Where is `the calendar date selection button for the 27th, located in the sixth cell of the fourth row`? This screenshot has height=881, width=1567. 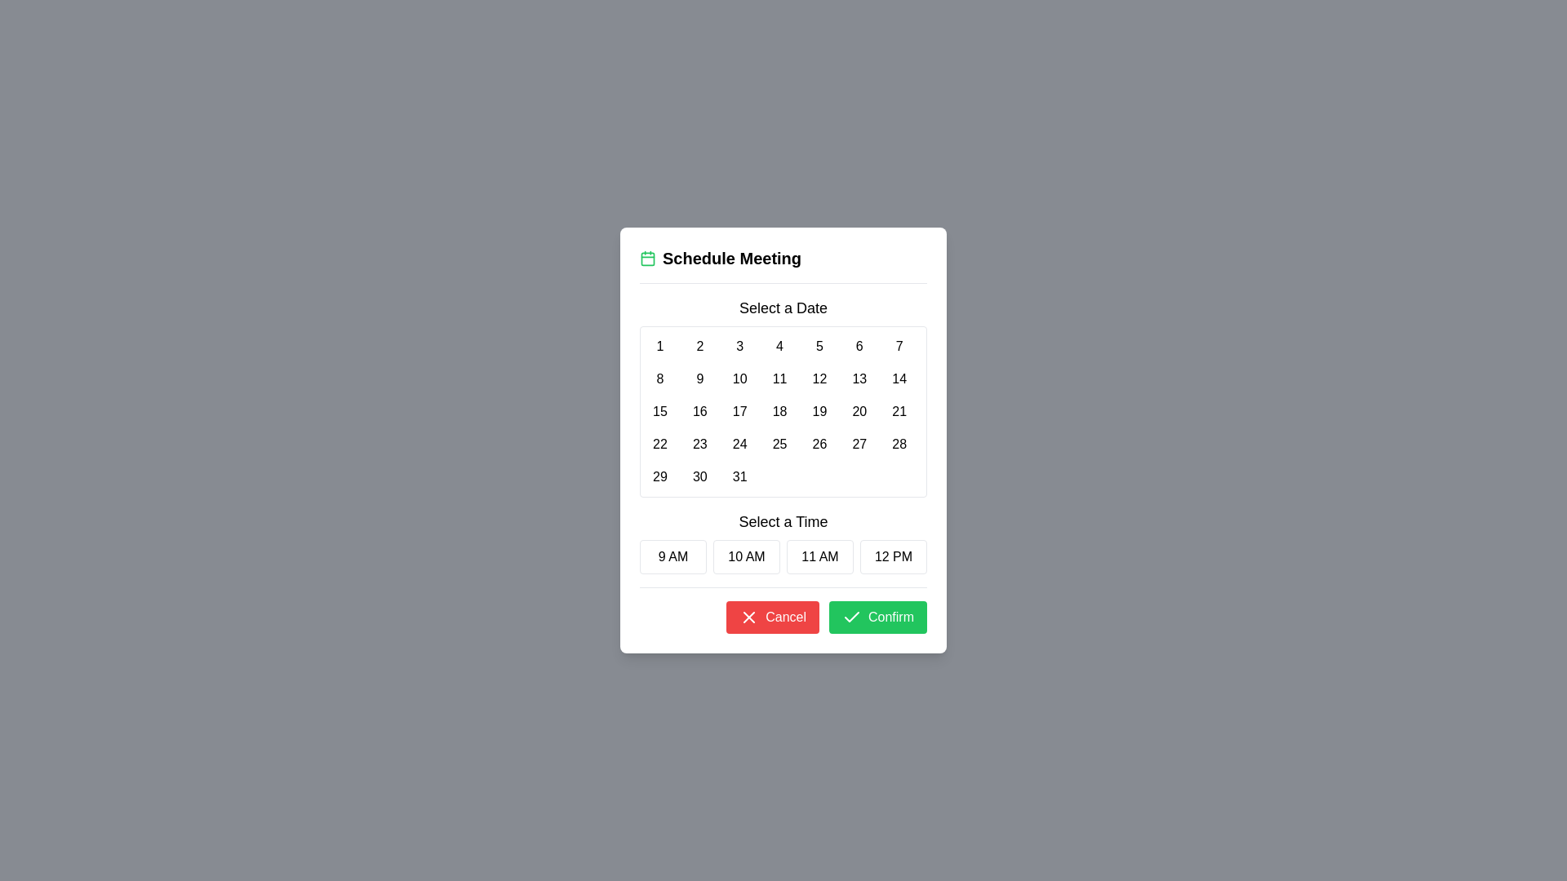 the calendar date selection button for the 27th, located in the sixth cell of the fourth row is located at coordinates (859, 444).